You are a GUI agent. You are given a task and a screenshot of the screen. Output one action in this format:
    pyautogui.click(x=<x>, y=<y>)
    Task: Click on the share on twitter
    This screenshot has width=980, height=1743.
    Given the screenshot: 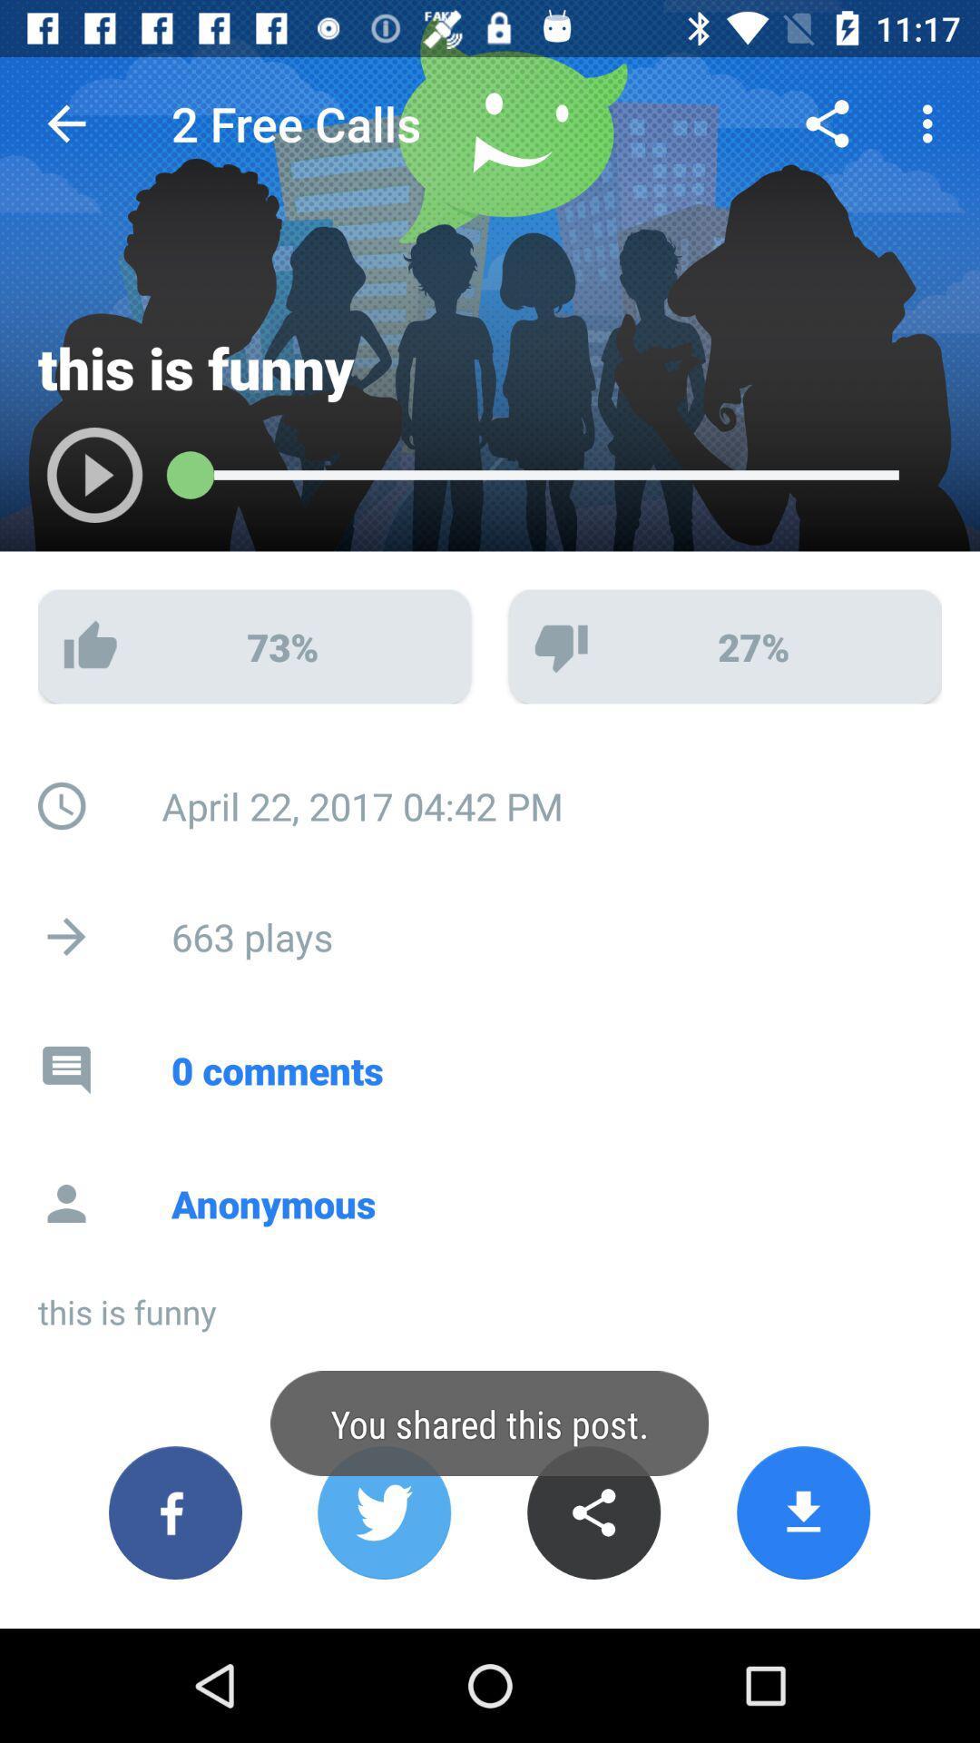 What is the action you would take?
    pyautogui.click(x=383, y=1512)
    